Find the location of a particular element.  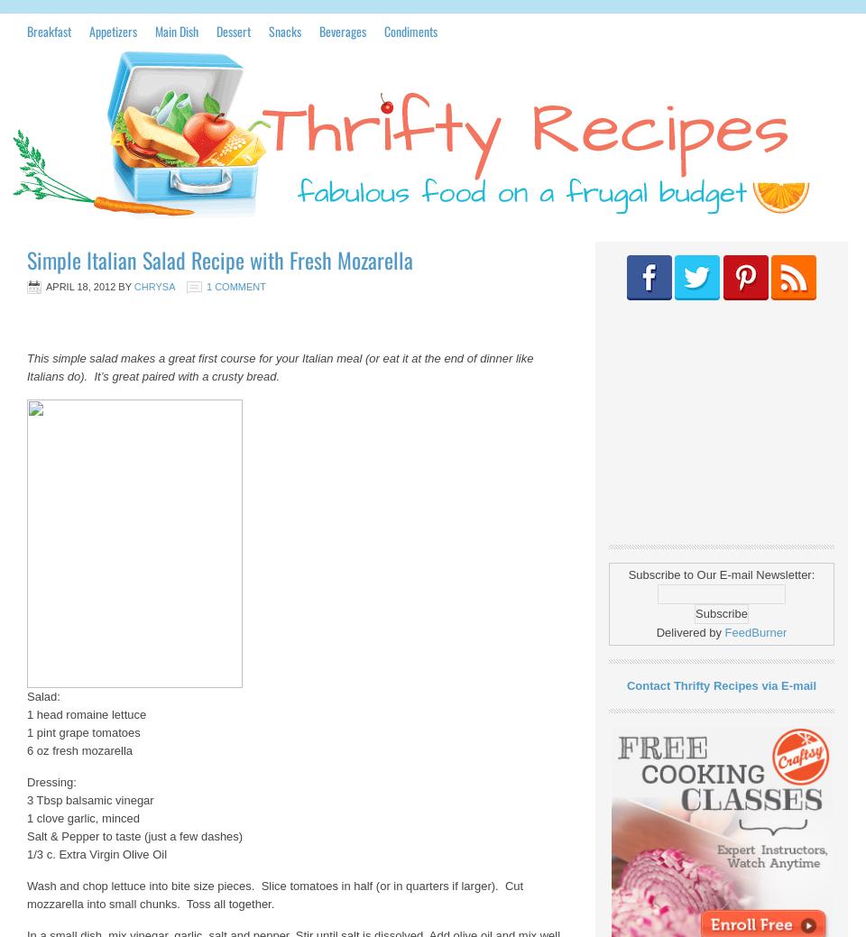

'1 head romaine lettuce' is located at coordinates (87, 713).